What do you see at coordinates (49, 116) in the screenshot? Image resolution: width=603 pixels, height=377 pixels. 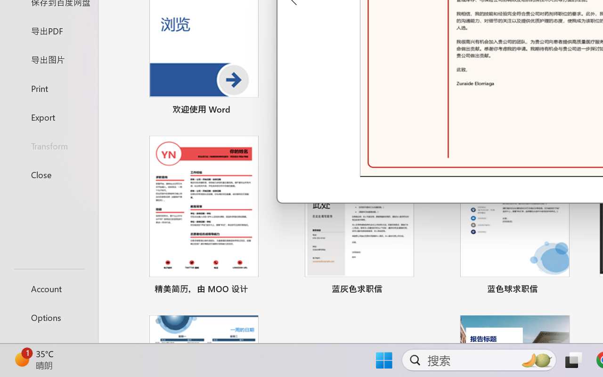 I see `'Export'` at bounding box center [49, 116].